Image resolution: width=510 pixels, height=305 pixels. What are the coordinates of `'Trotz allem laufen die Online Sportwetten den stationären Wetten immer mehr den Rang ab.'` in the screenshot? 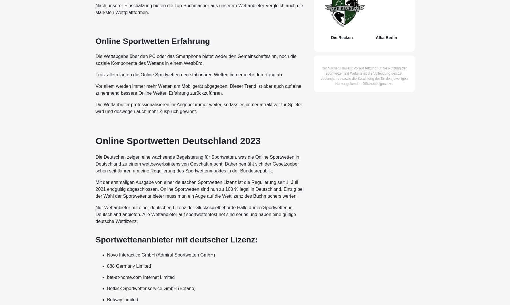 It's located at (95, 75).